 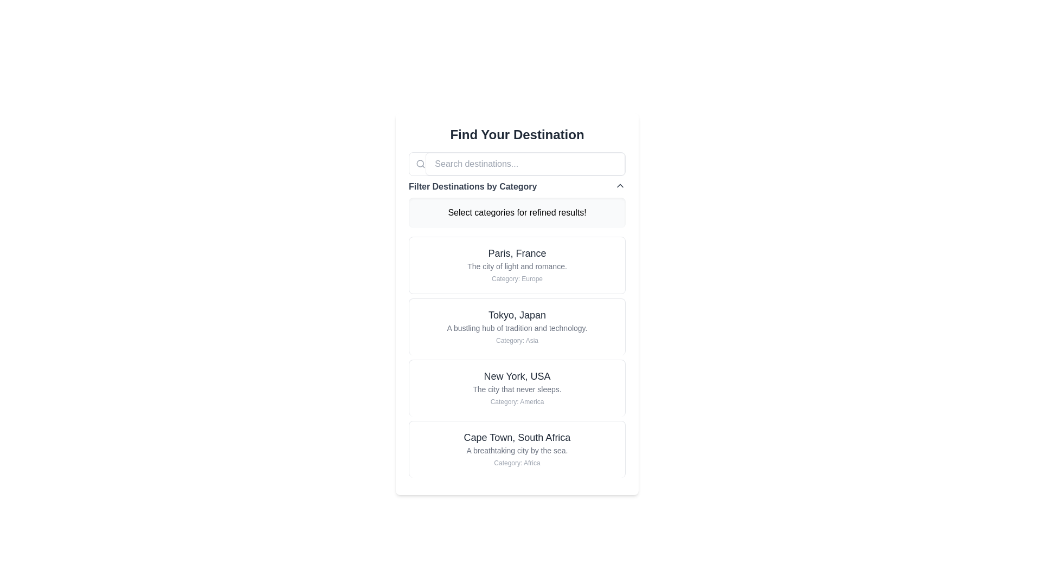 What do you see at coordinates (517, 213) in the screenshot?
I see `the textual prompt that provides guidance for the category selection feature, positioned below the 'Filter Destinations by Category' header` at bounding box center [517, 213].